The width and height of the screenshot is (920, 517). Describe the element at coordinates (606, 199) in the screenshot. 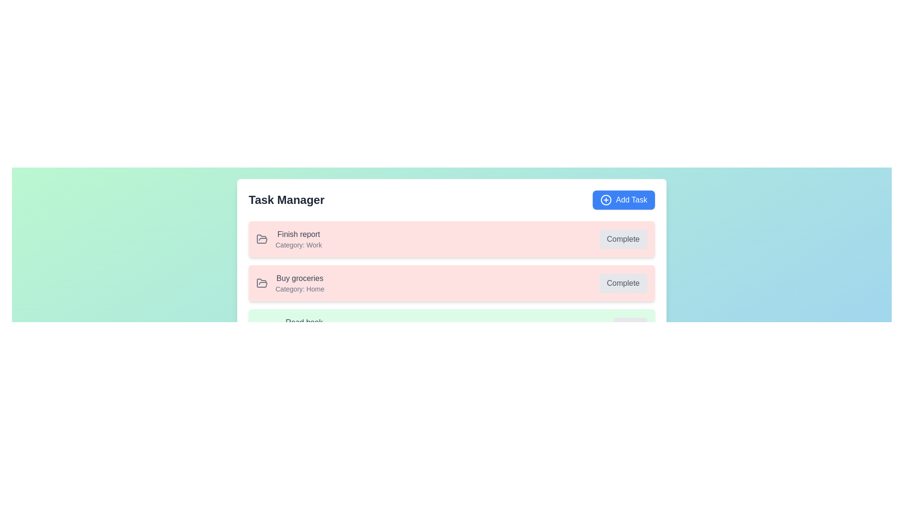

I see `the decorative icon located at the leftmost part of the 'Add Task' button within the 'Task Manager' panel` at that location.